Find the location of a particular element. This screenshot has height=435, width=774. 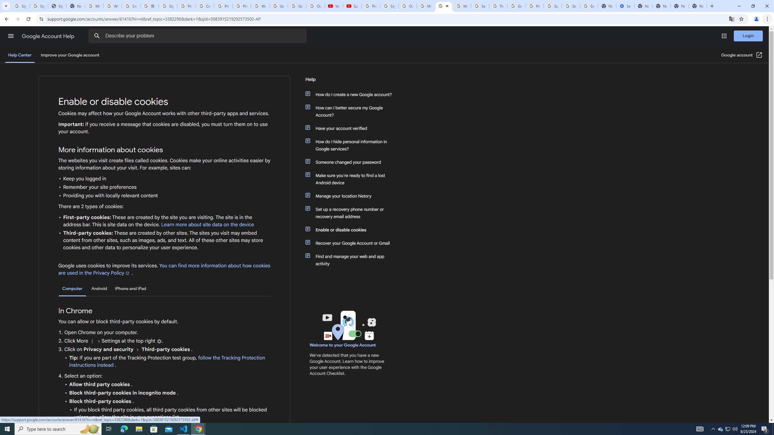

'Search our Doodle Library Collection - Google Doodles' is located at coordinates (480, 6).